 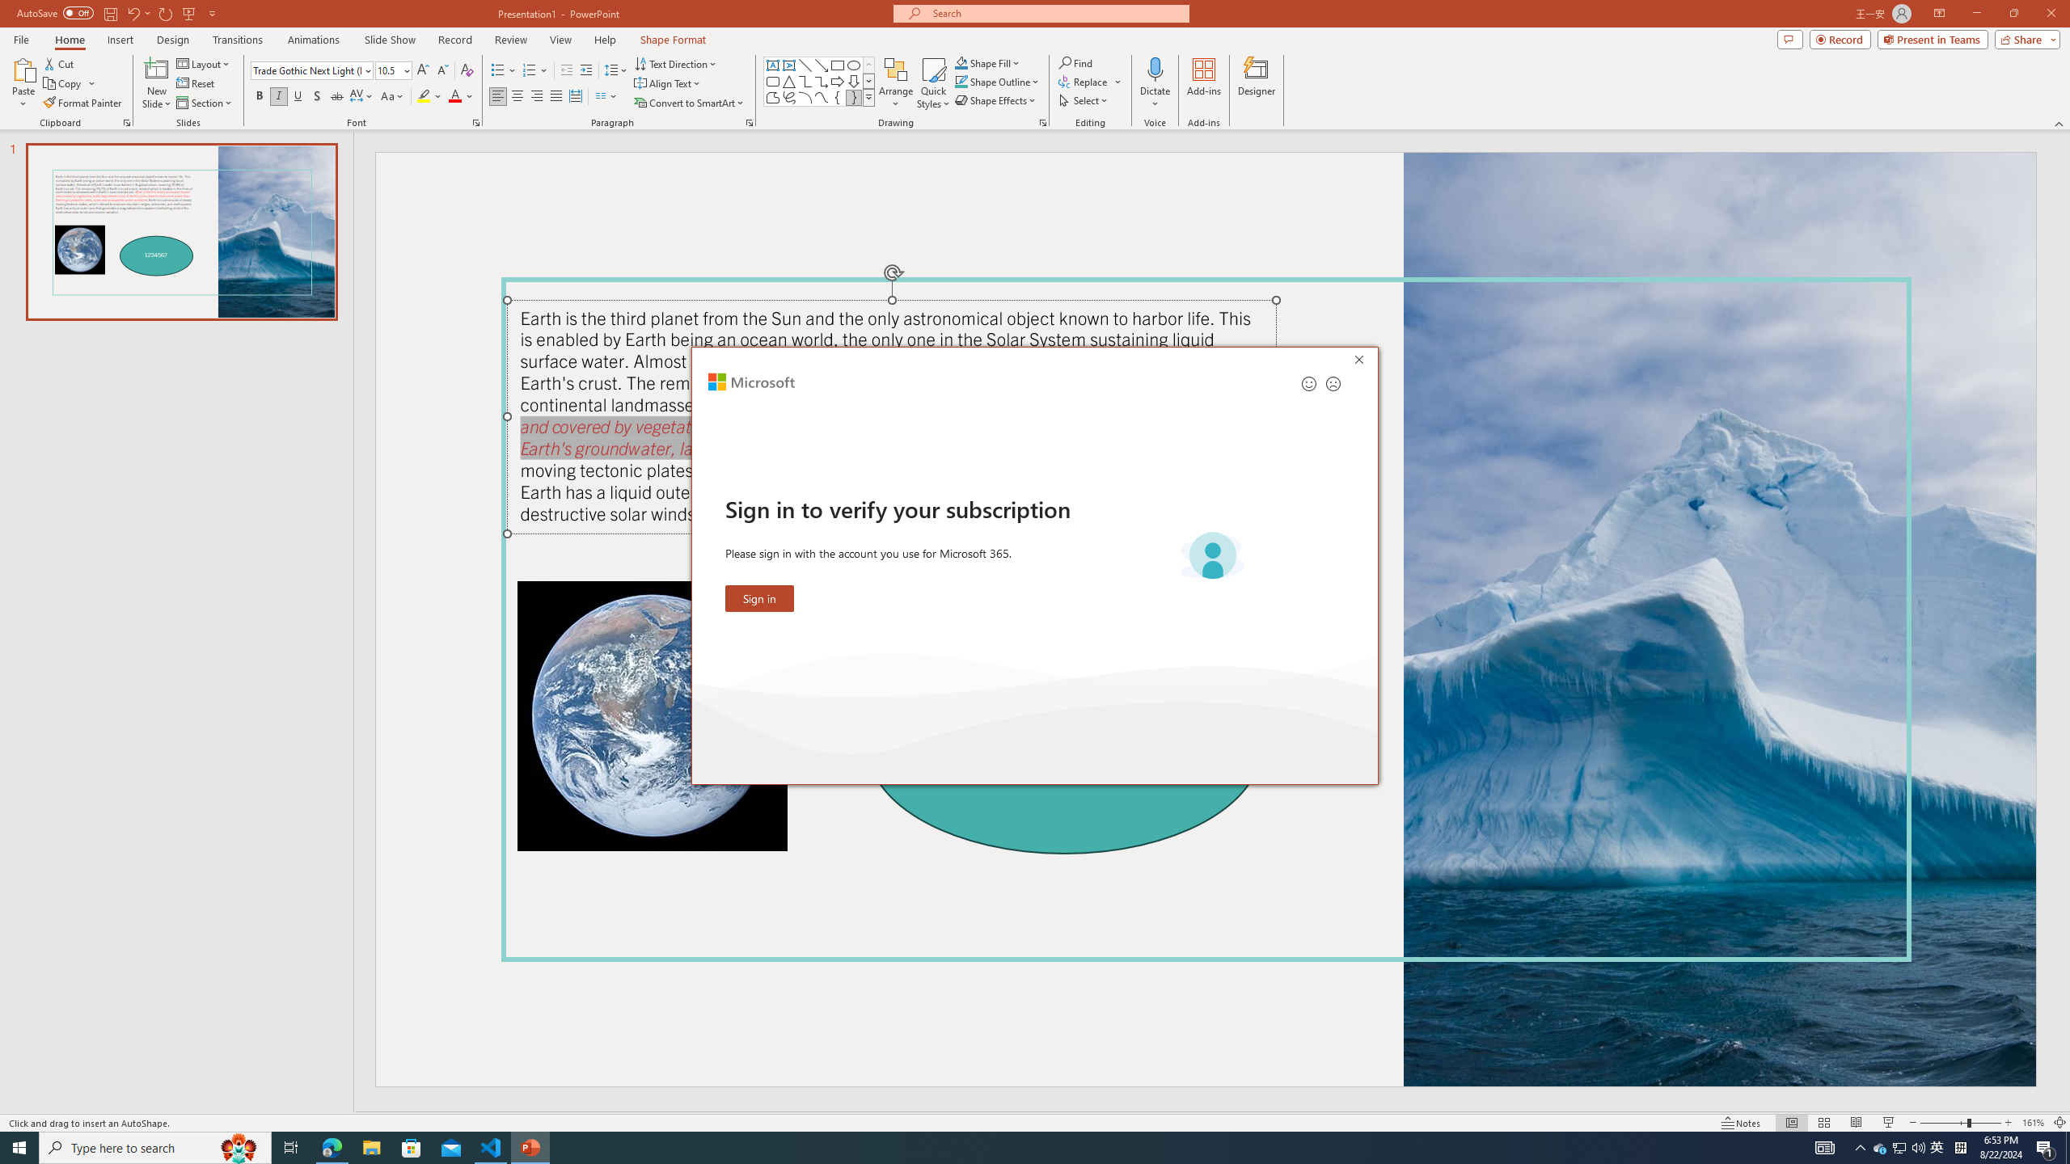 What do you see at coordinates (277, 95) in the screenshot?
I see `'Italic'` at bounding box center [277, 95].